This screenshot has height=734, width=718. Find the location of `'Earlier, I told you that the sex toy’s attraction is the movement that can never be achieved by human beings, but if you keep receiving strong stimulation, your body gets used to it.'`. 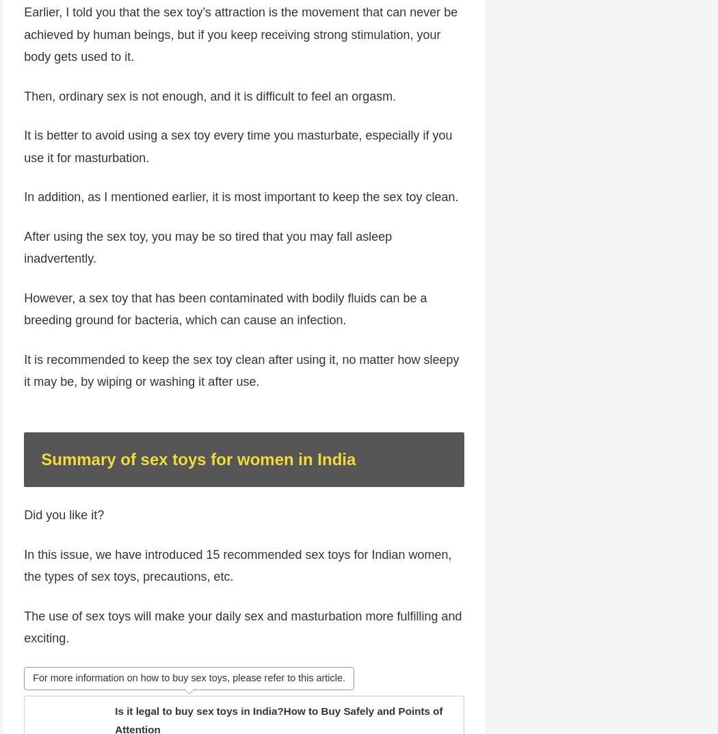

'Earlier, I told you that the sex toy’s attraction is the movement that can never be achieved by human beings, but if you keep receiving strong stimulation, your body gets used to it.' is located at coordinates (239, 60).